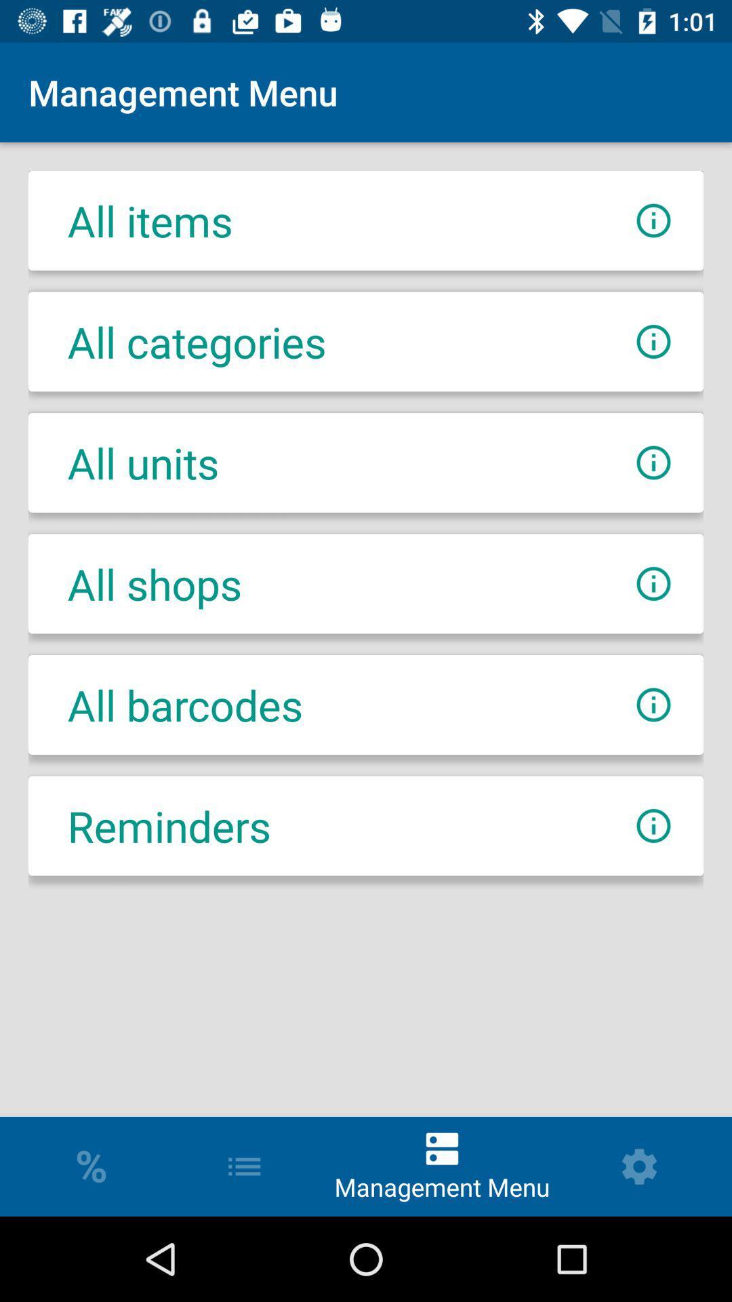 The height and width of the screenshot is (1302, 732). What do you see at coordinates (653, 342) in the screenshot?
I see `information on all categories button` at bounding box center [653, 342].